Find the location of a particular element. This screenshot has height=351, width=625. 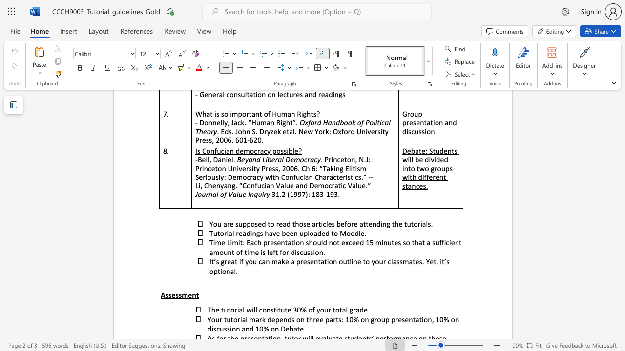

the subset text "adings have been uploaded to Mo" within the text "Tutorial readings have been uploaded to Moodle." is located at coordinates (242, 233).